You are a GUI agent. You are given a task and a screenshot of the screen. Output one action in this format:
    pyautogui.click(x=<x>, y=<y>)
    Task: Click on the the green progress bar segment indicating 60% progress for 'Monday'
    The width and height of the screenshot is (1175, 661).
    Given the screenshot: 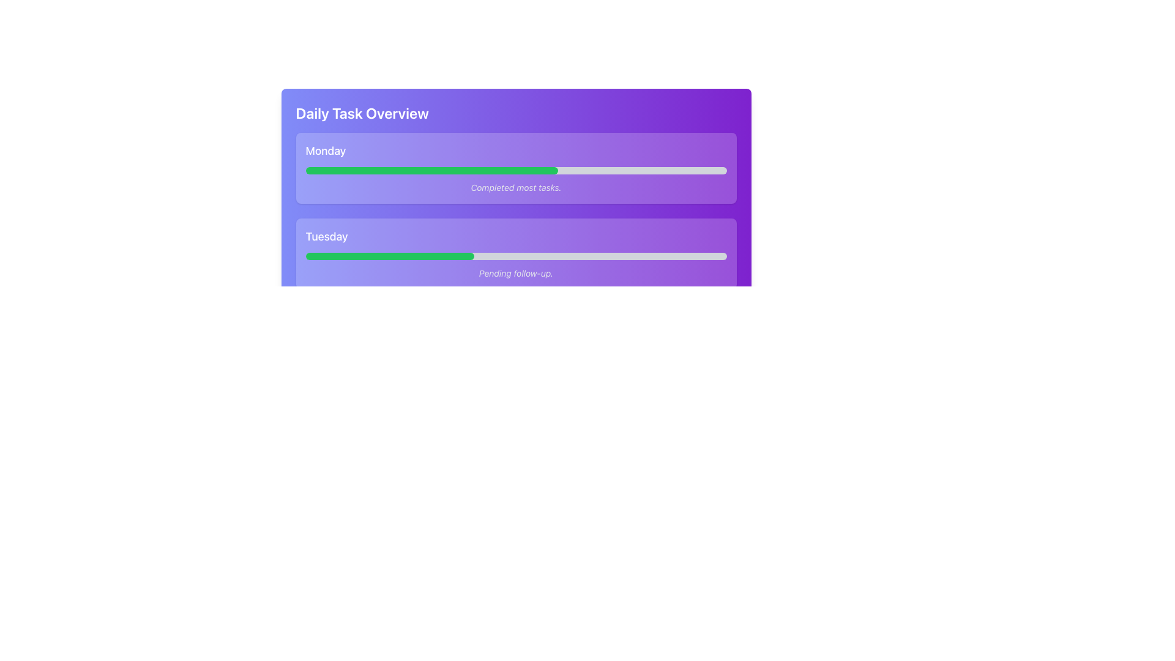 What is the action you would take?
    pyautogui.click(x=431, y=170)
    